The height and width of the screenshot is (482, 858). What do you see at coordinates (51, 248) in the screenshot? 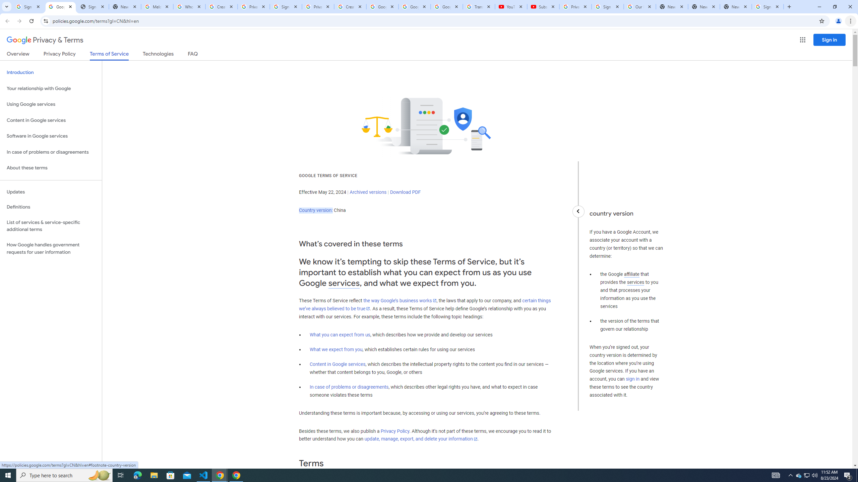
I see `'How Google handles government requests for user information'` at bounding box center [51, 248].